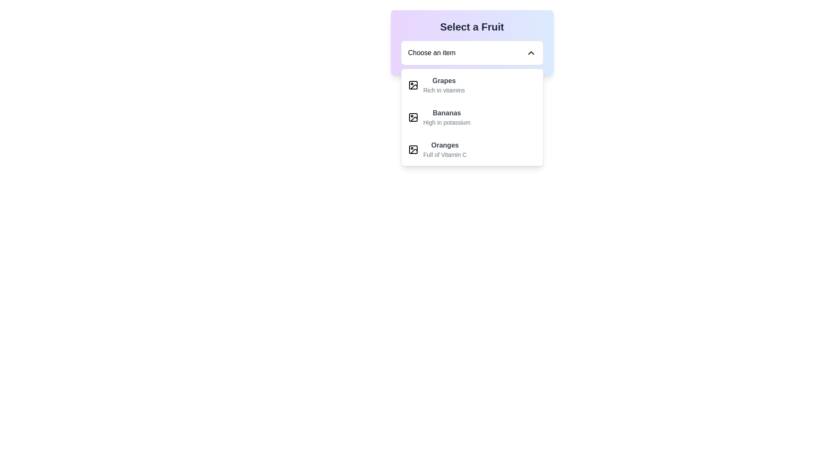 The image size is (814, 458). What do you see at coordinates (415, 149) in the screenshot?
I see `the icon representing an image located to the left of the 'Oranges' option in the dropdown list, which features a simplistic design with a black stroke and includes a small circle and diagonal line` at bounding box center [415, 149].